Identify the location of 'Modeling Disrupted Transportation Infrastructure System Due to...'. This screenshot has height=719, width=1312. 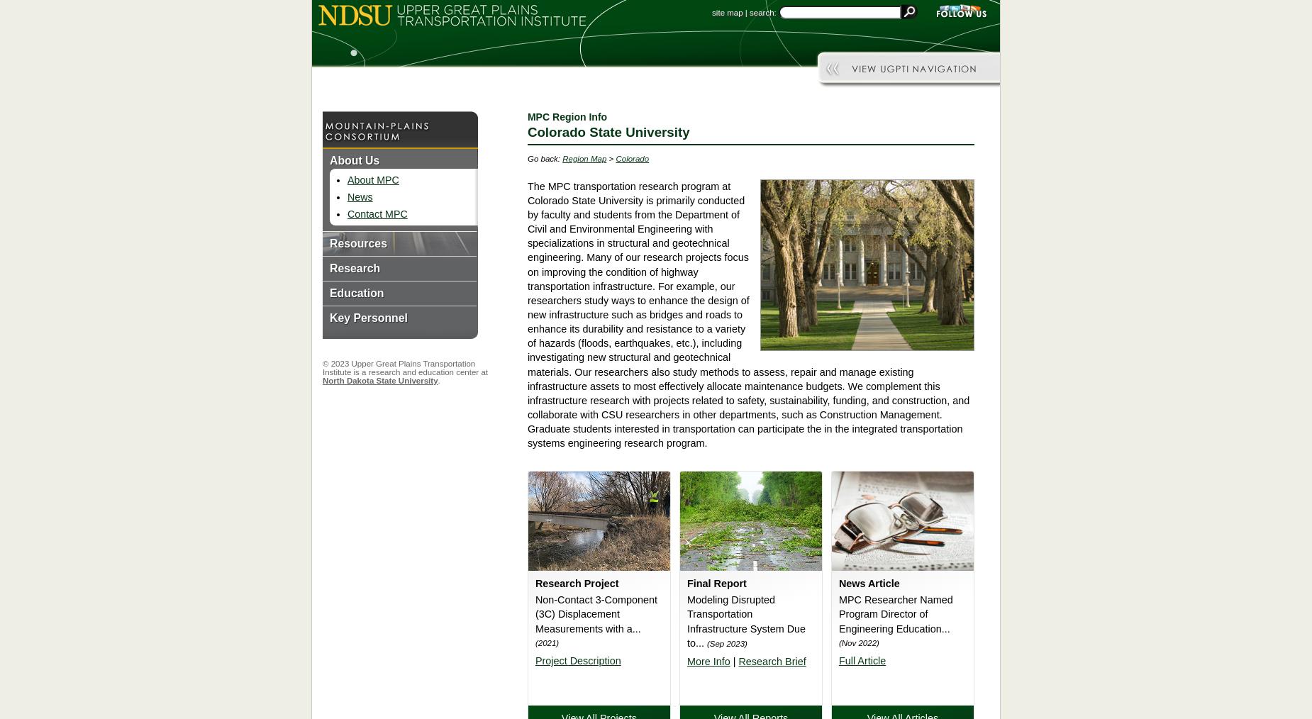
(745, 620).